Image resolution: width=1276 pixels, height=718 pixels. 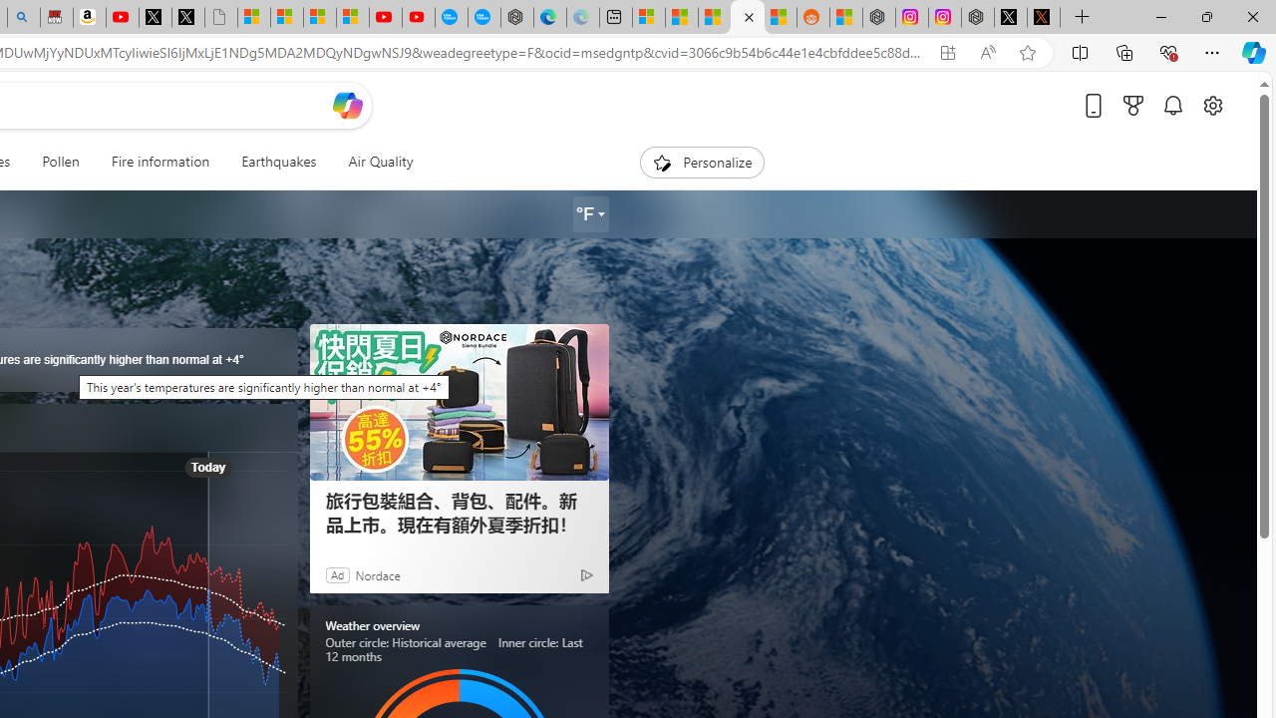 I want to click on 'Pollen', so click(x=60, y=162).